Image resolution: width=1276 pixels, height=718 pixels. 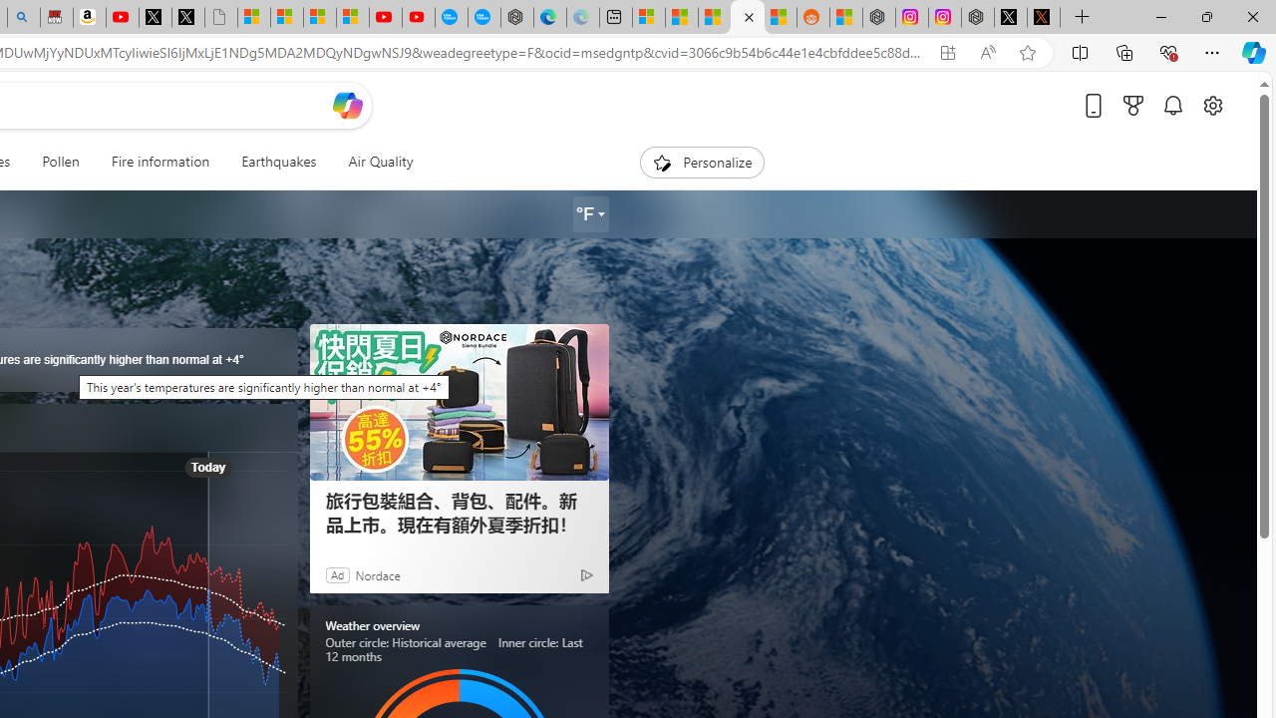 I want to click on 'Pollen', so click(x=60, y=162).